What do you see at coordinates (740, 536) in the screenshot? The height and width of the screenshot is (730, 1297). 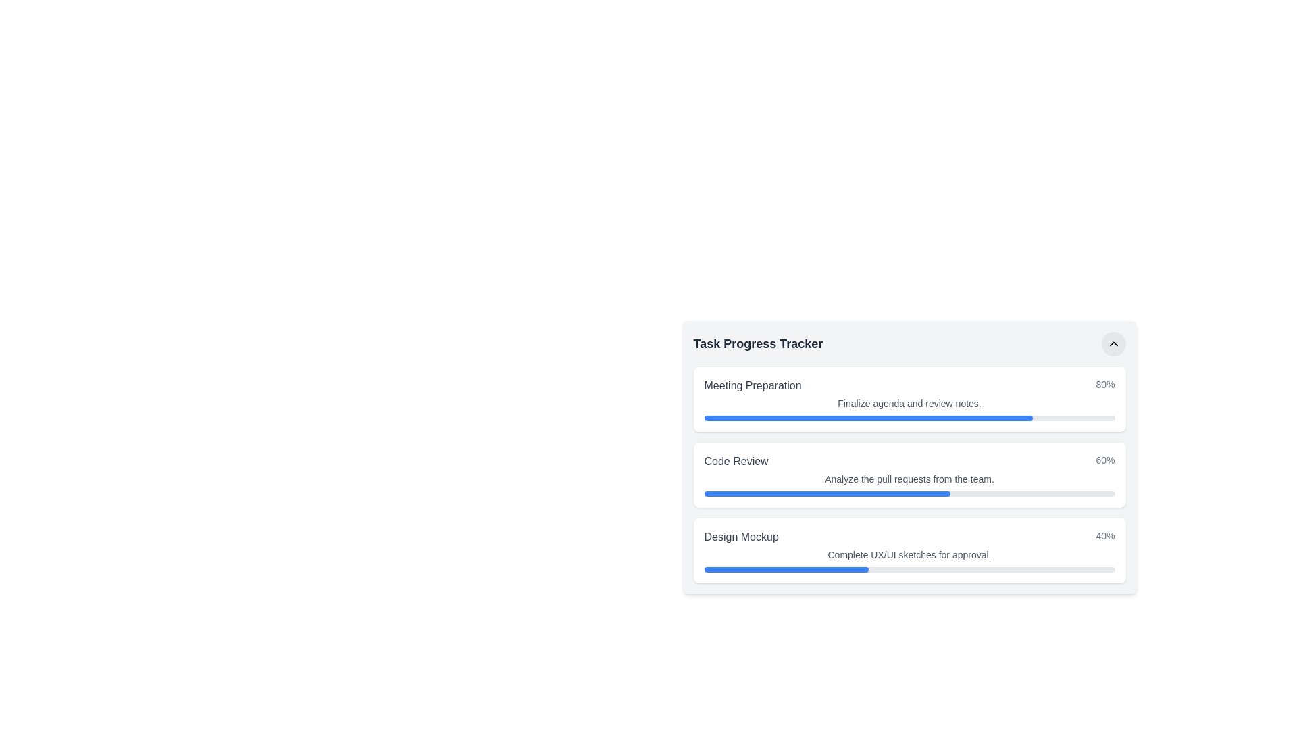 I see `the 'Design Mockup' label text in the task progress tracker interface, which is styled in medium-sized gray font and positioned to the left of the '40%' completion indicator` at bounding box center [740, 536].